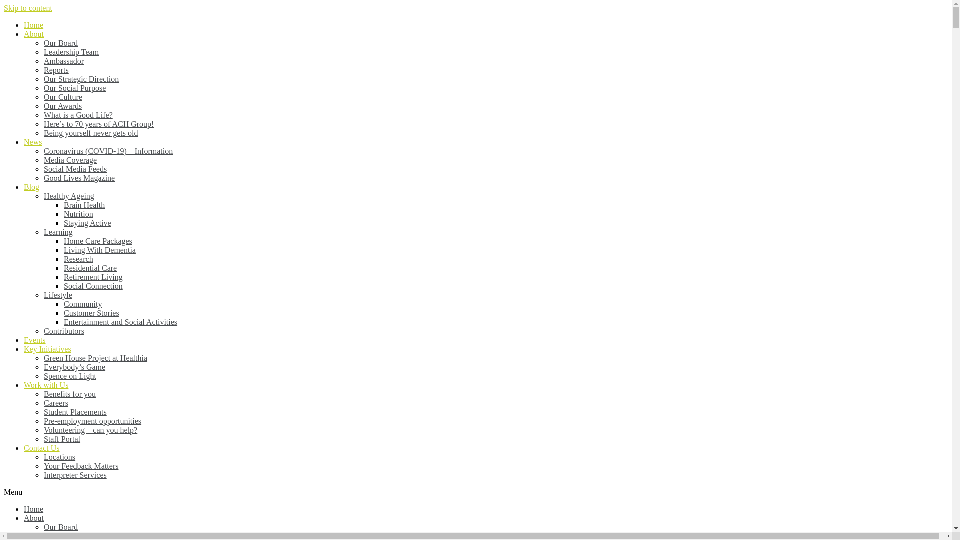  Describe the element at coordinates (60, 42) in the screenshot. I see `'Our Board'` at that location.